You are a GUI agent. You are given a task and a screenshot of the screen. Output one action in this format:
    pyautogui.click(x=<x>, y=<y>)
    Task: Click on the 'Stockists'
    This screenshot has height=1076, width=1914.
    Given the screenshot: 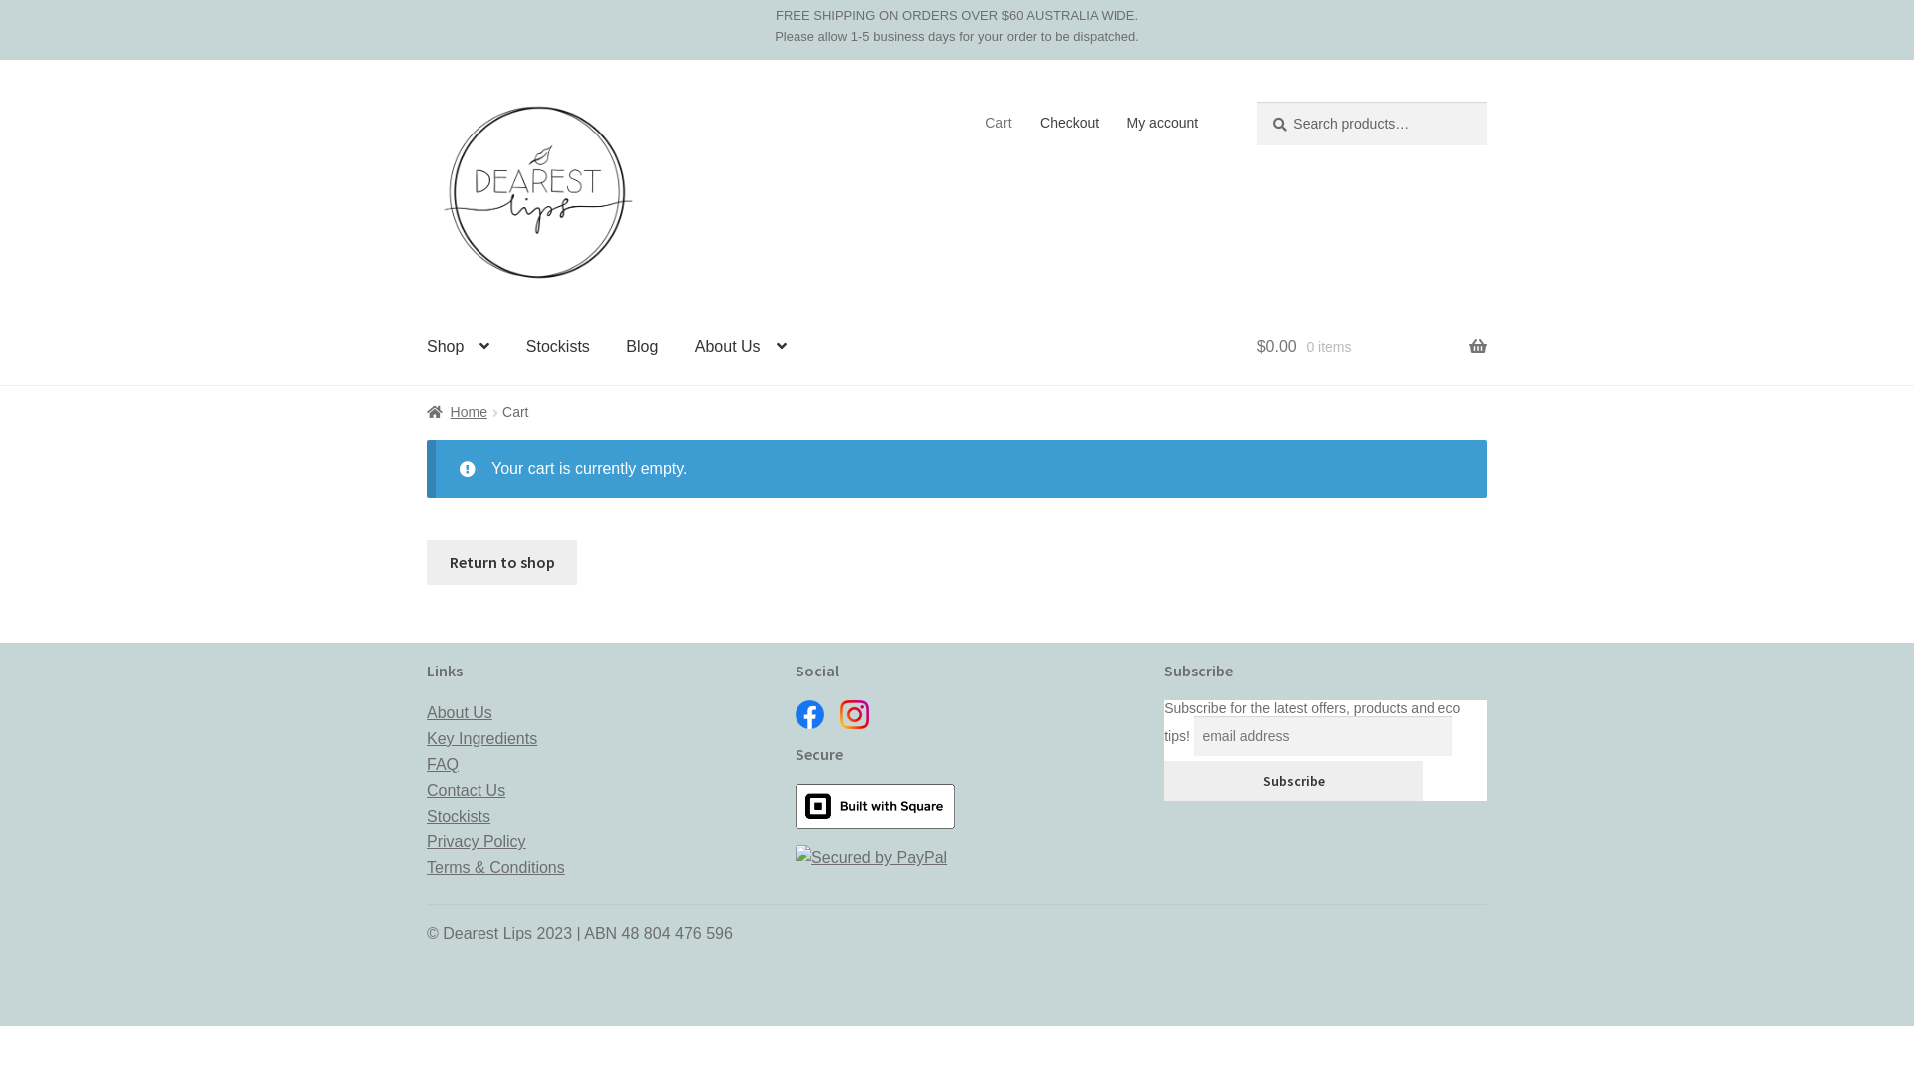 What is the action you would take?
    pyautogui.click(x=458, y=816)
    